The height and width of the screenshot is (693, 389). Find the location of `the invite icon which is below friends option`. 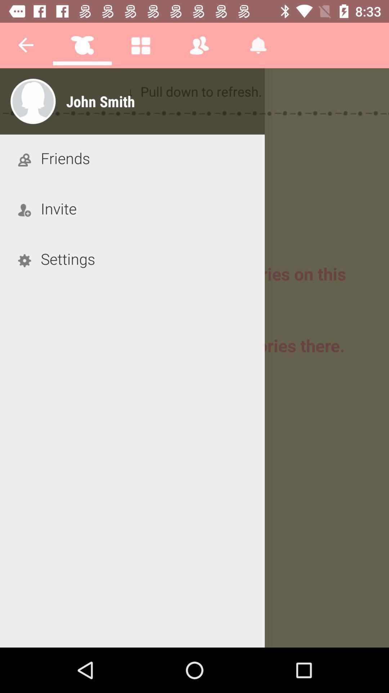

the invite icon which is below friends option is located at coordinates (24, 209).